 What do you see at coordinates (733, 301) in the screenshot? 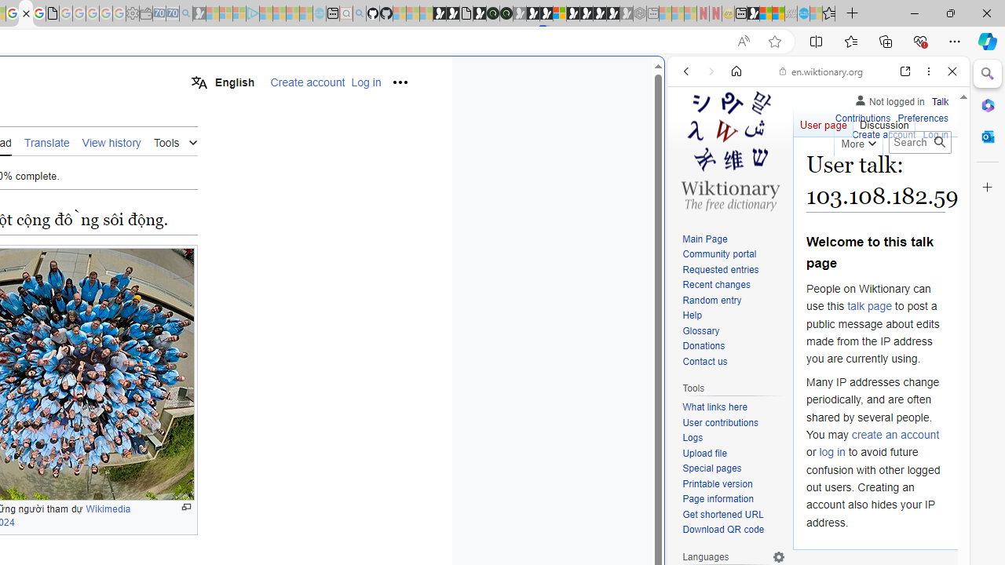
I see `'Random entry'` at bounding box center [733, 301].